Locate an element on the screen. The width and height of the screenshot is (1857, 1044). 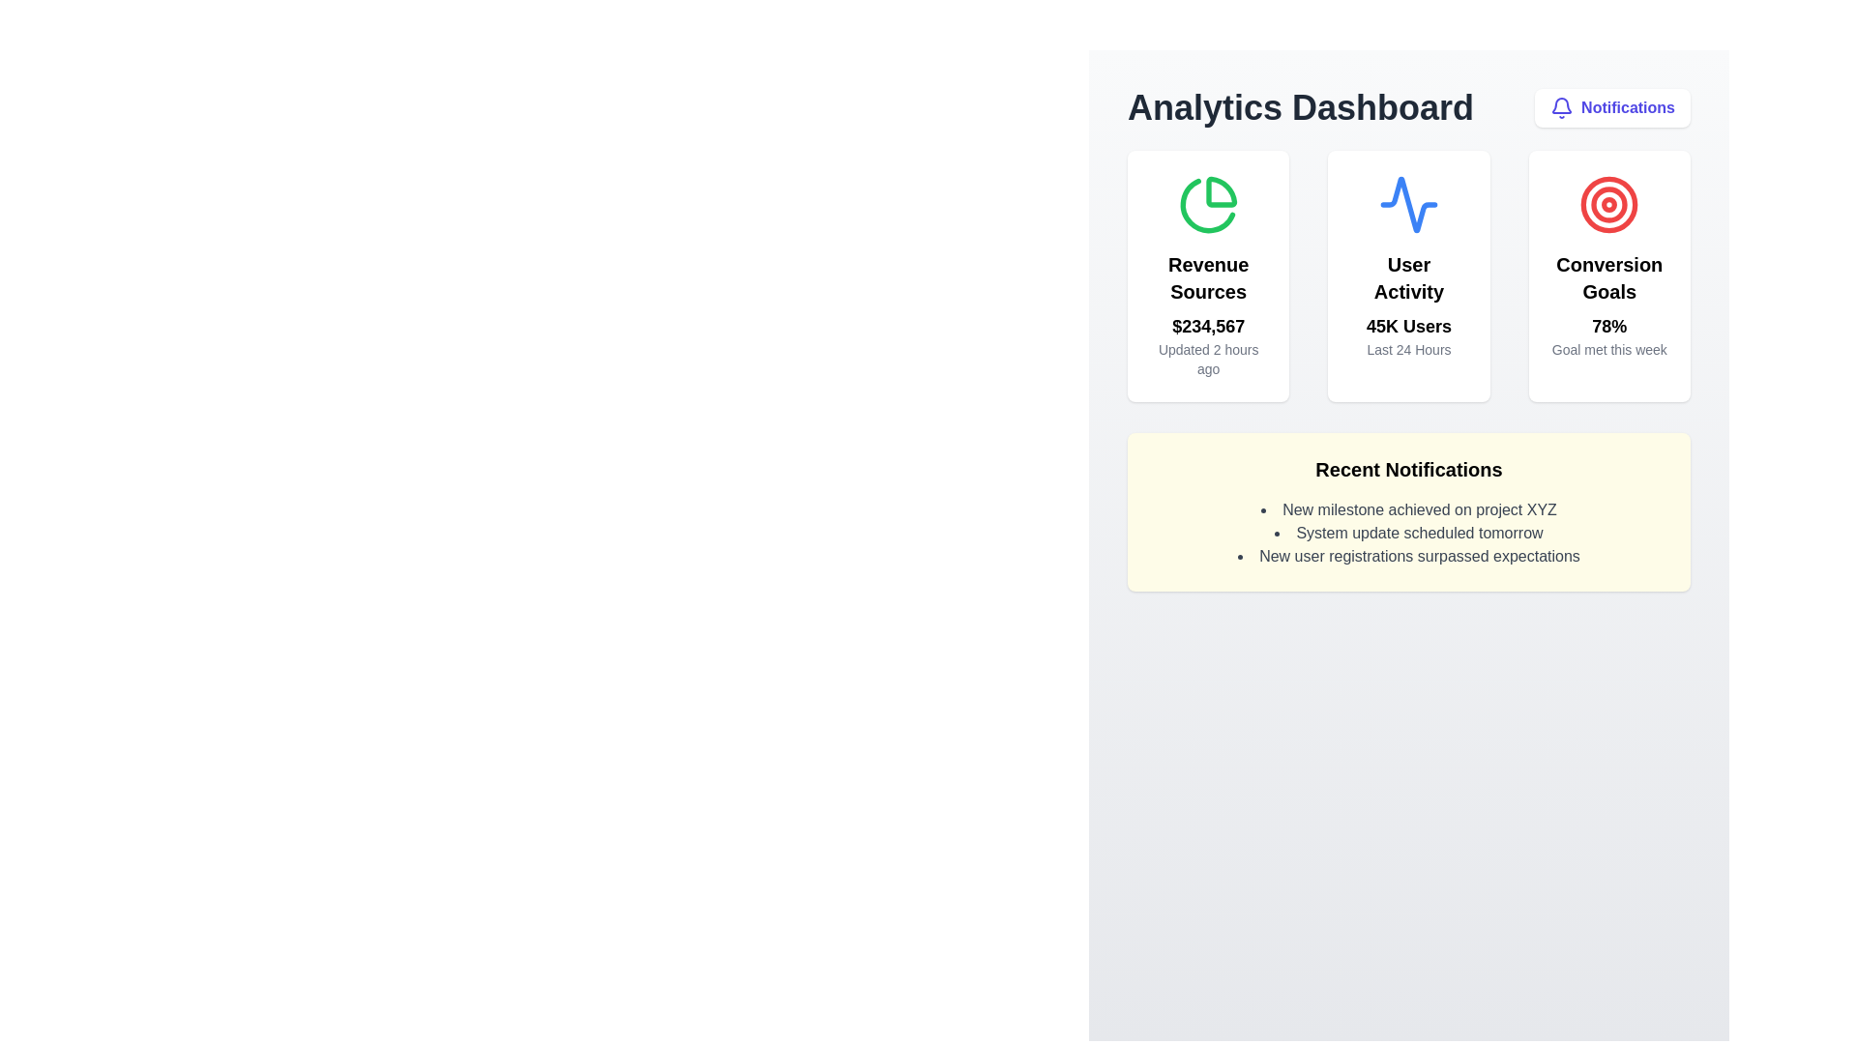
the Informational card displaying metrics titled 'Conversion Goals' from its position is located at coordinates (1609, 275).